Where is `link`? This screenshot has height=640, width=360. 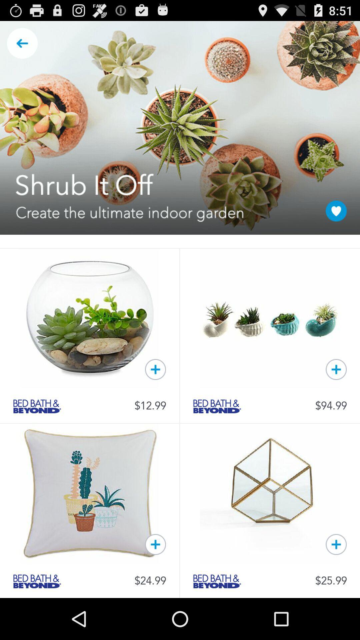
link is located at coordinates (37, 406).